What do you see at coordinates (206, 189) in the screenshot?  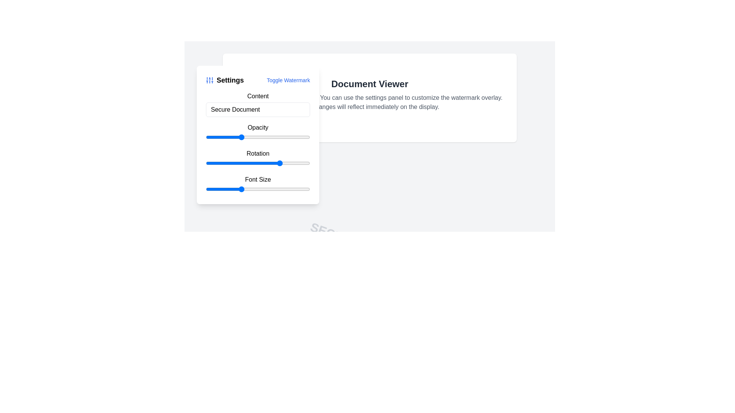 I see `the font size slider` at bounding box center [206, 189].